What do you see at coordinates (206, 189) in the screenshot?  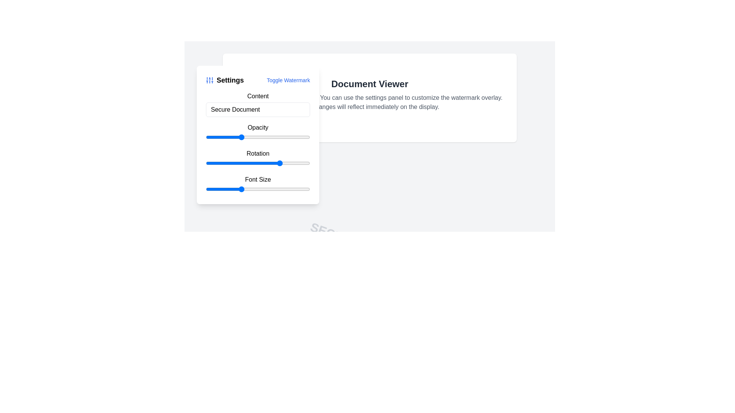 I see `the font size slider` at bounding box center [206, 189].